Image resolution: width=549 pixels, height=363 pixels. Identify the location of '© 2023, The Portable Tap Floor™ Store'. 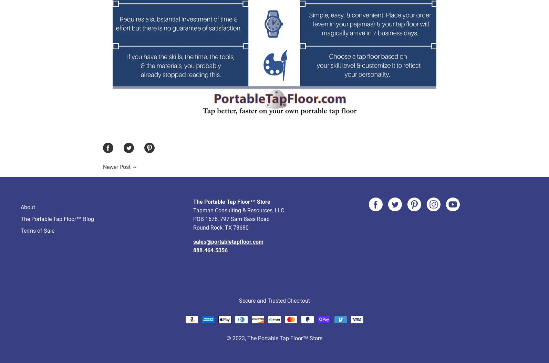
(274, 312).